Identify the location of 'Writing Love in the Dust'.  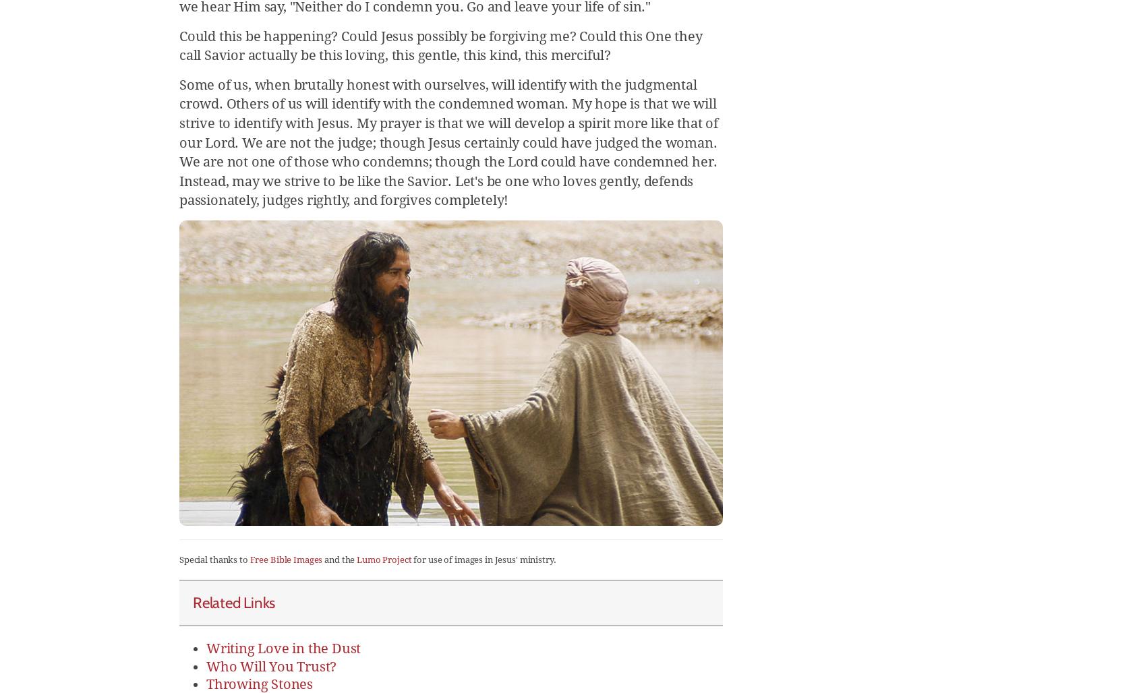
(283, 647).